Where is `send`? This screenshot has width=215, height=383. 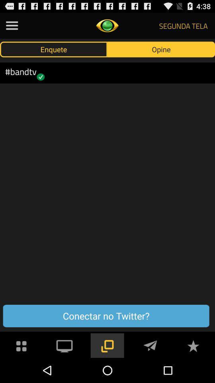
send is located at coordinates (150, 345).